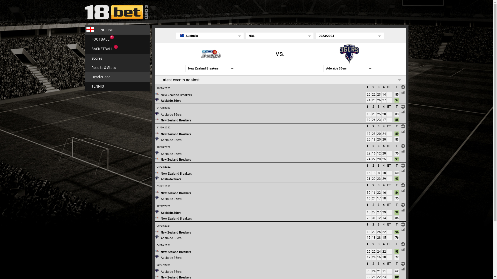 The height and width of the screenshot is (279, 497). Describe the element at coordinates (171, 258) in the screenshot. I see `'Adelaide 36ers'` at that location.